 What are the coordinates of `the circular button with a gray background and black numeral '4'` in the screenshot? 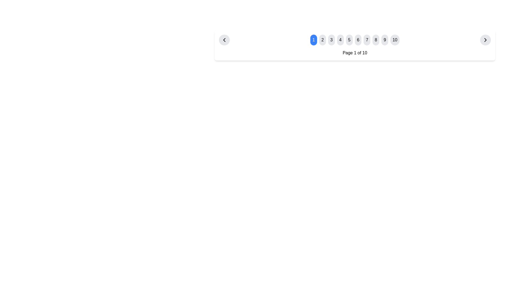 It's located at (340, 39).